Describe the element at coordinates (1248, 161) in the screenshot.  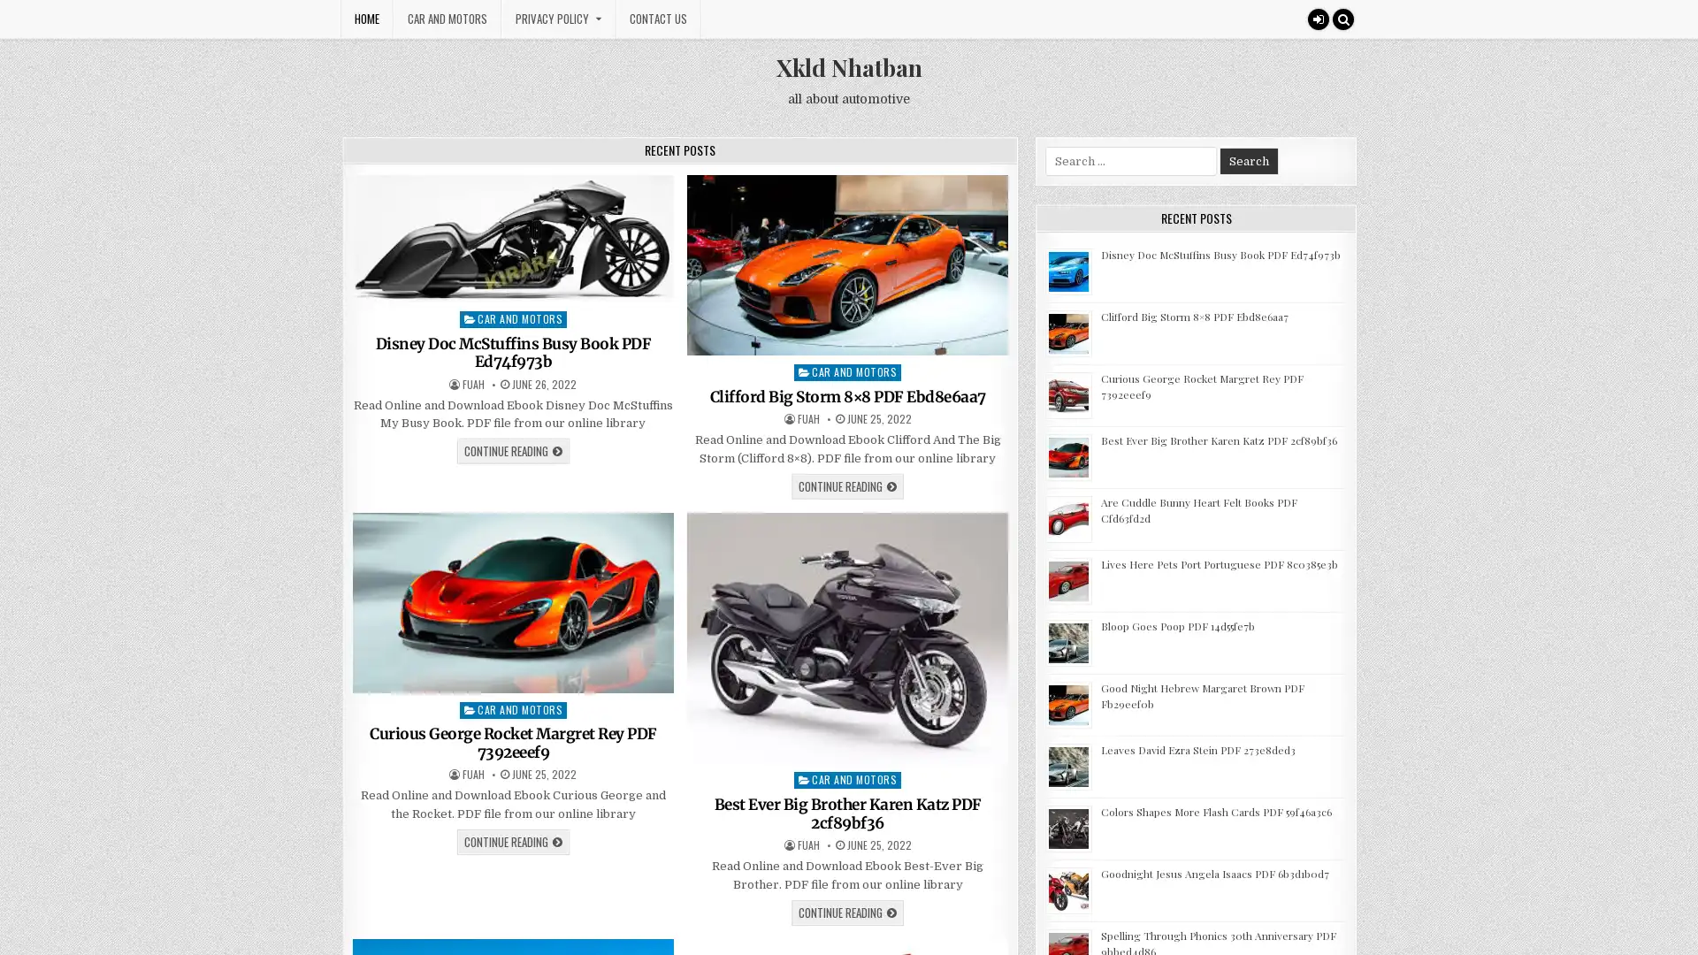
I see `Search` at that location.